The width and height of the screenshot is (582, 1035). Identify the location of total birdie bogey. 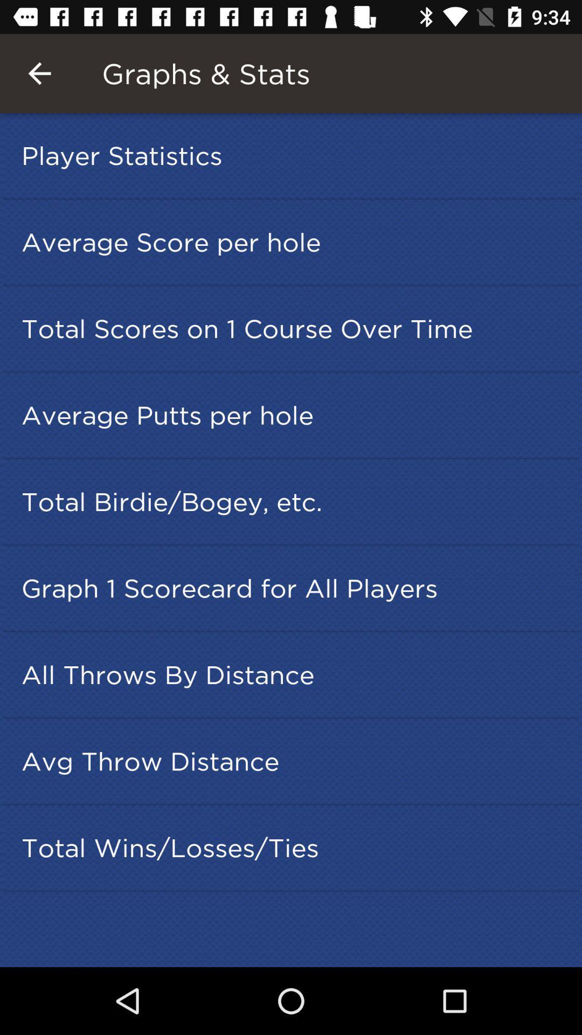
(294, 501).